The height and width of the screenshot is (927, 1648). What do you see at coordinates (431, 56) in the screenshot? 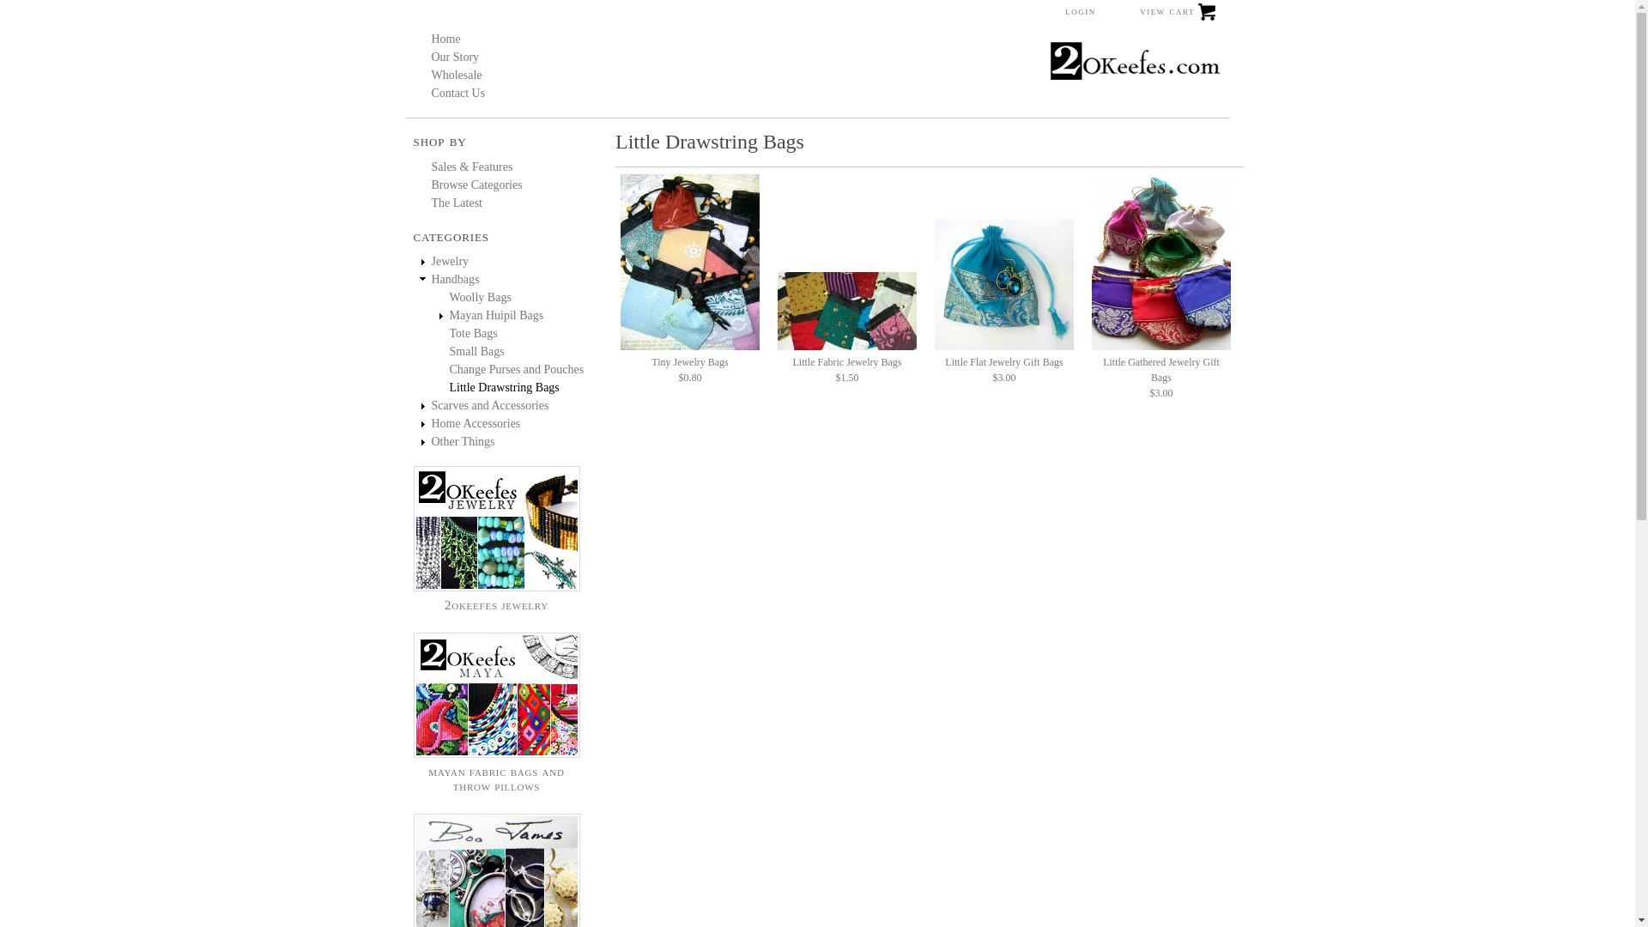
I see `'Our Story'` at bounding box center [431, 56].